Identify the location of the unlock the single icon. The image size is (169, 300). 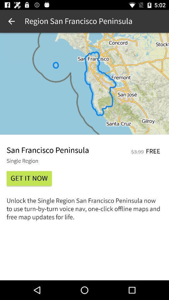
(84, 211).